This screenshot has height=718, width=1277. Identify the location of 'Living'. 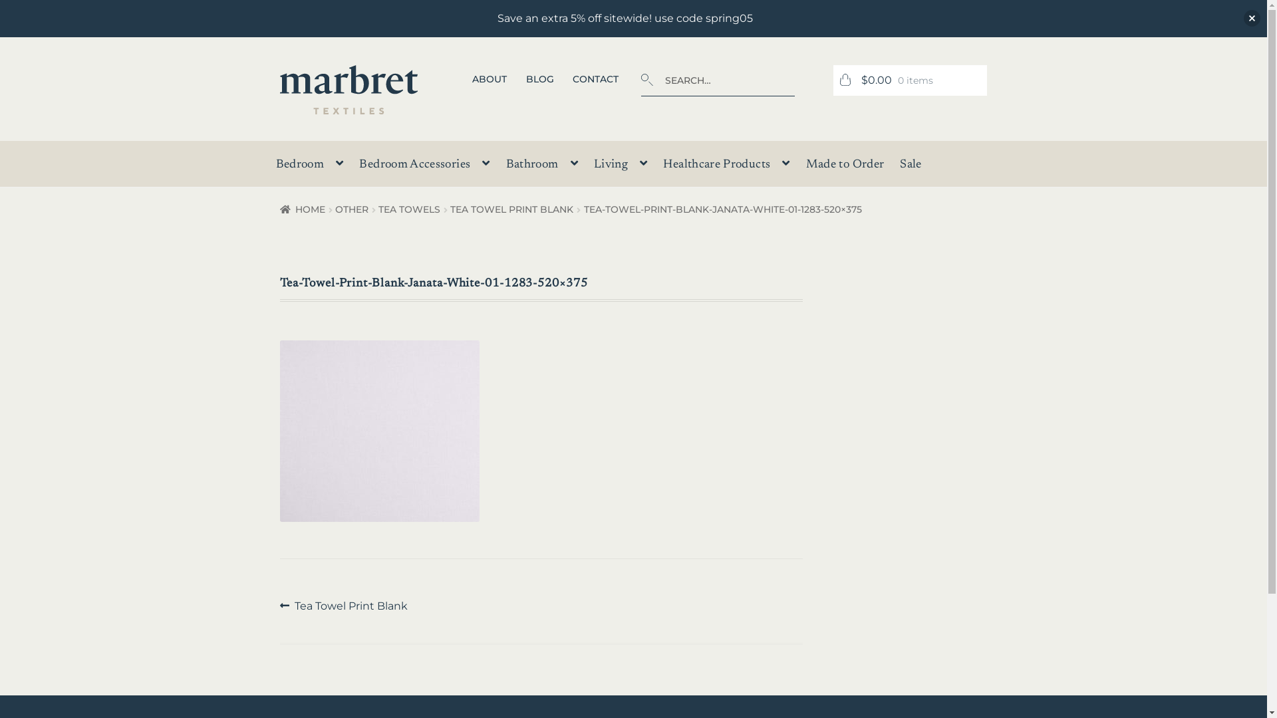
(620, 166).